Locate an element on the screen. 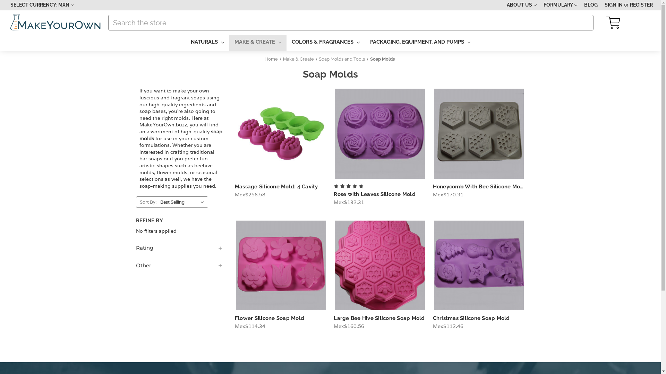  'Rose with Leaves Silicone Mold' is located at coordinates (374, 194).